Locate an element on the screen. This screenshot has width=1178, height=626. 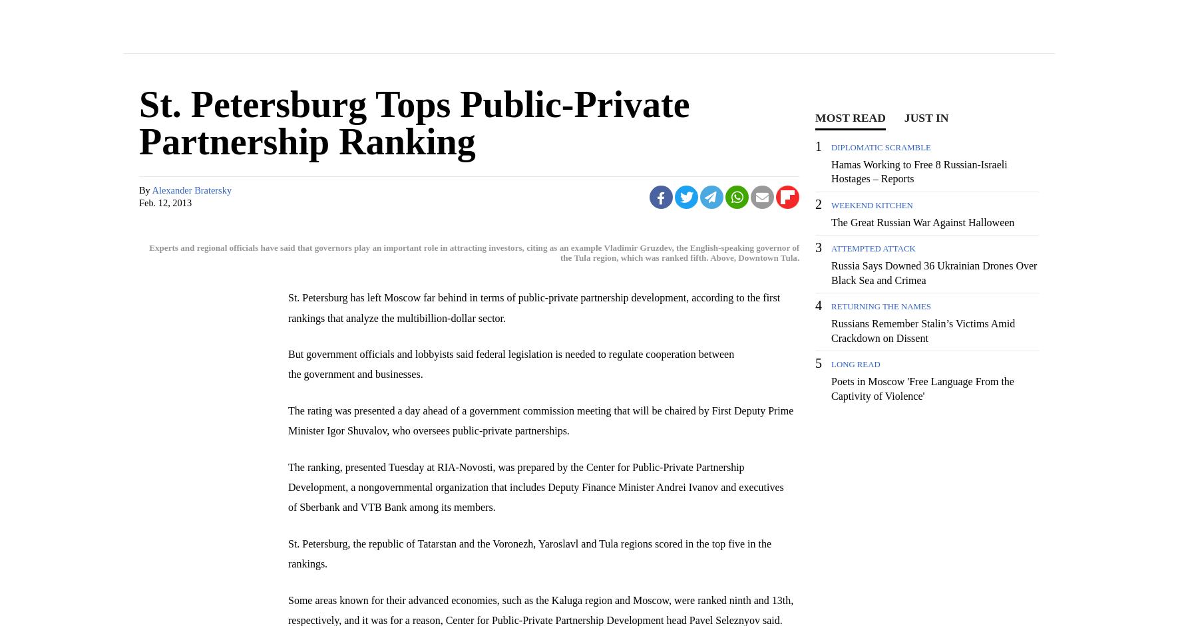
'The rating was presented a day ahead of a government commission meeting that will be chaired by First Deputy Prime Minister Igor Shuvalov, who oversees public-private partnerships.' is located at coordinates (540, 420).